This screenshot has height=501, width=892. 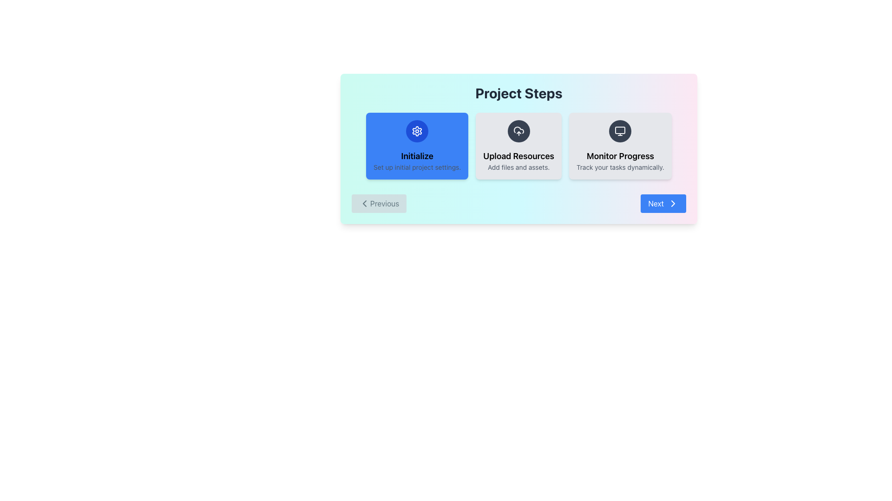 I want to click on the 'Initialize' text block element, which is the first card in the 'Project Steps' section, so click(x=417, y=161).